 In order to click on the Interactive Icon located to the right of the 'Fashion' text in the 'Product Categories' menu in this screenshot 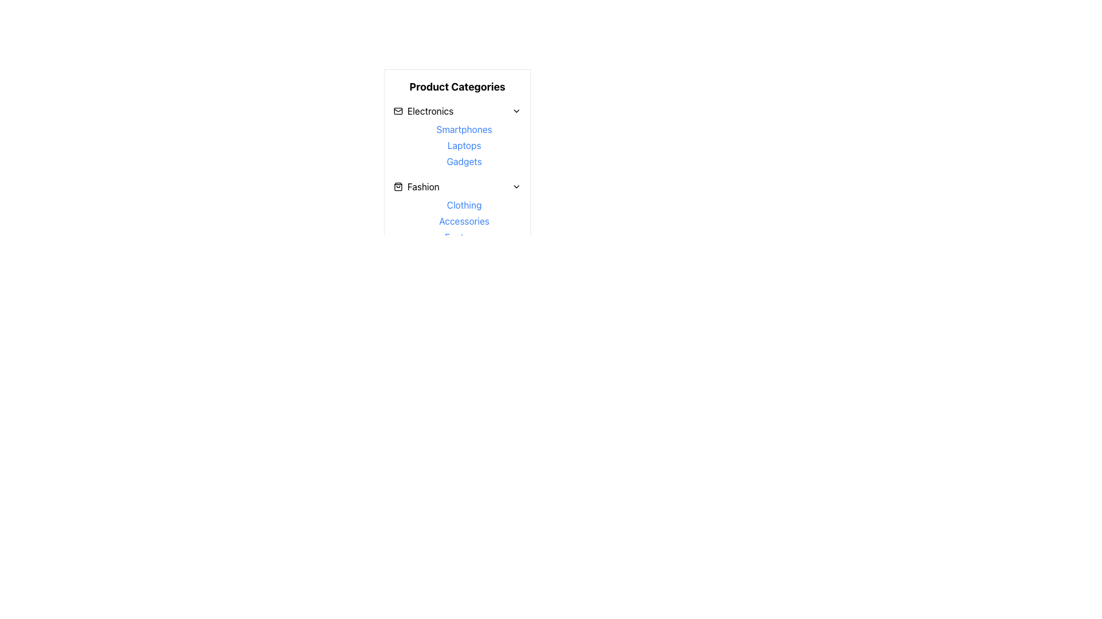, I will do `click(516, 186)`.